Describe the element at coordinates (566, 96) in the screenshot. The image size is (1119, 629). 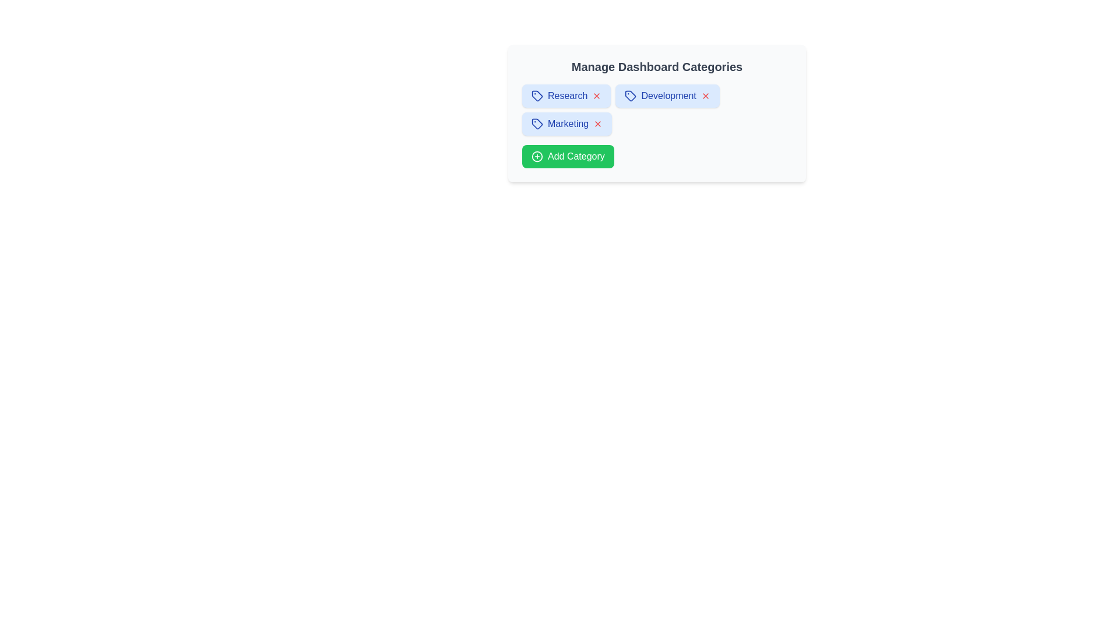
I see `the category chip labeled Research` at that location.